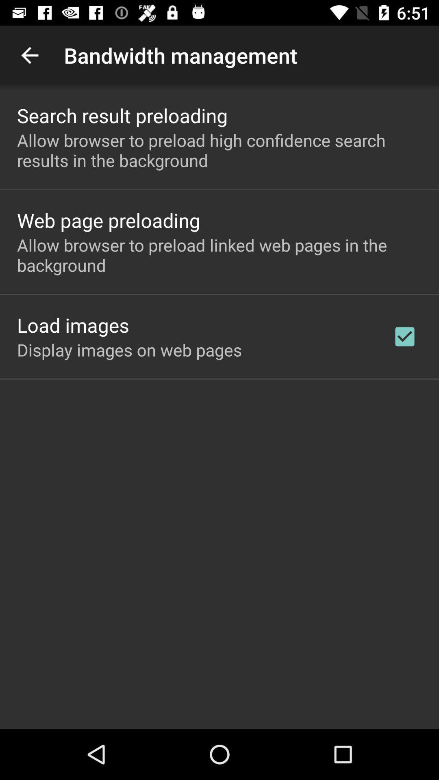 The height and width of the screenshot is (780, 439). What do you see at coordinates (108, 220) in the screenshot?
I see `web page preloading` at bounding box center [108, 220].